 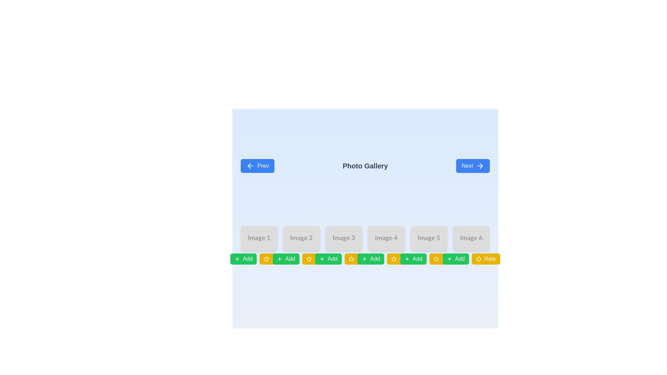 I want to click on the star-shaped icon with a yellow outline located to the left of the 'Rate' text to interact, so click(x=478, y=258).